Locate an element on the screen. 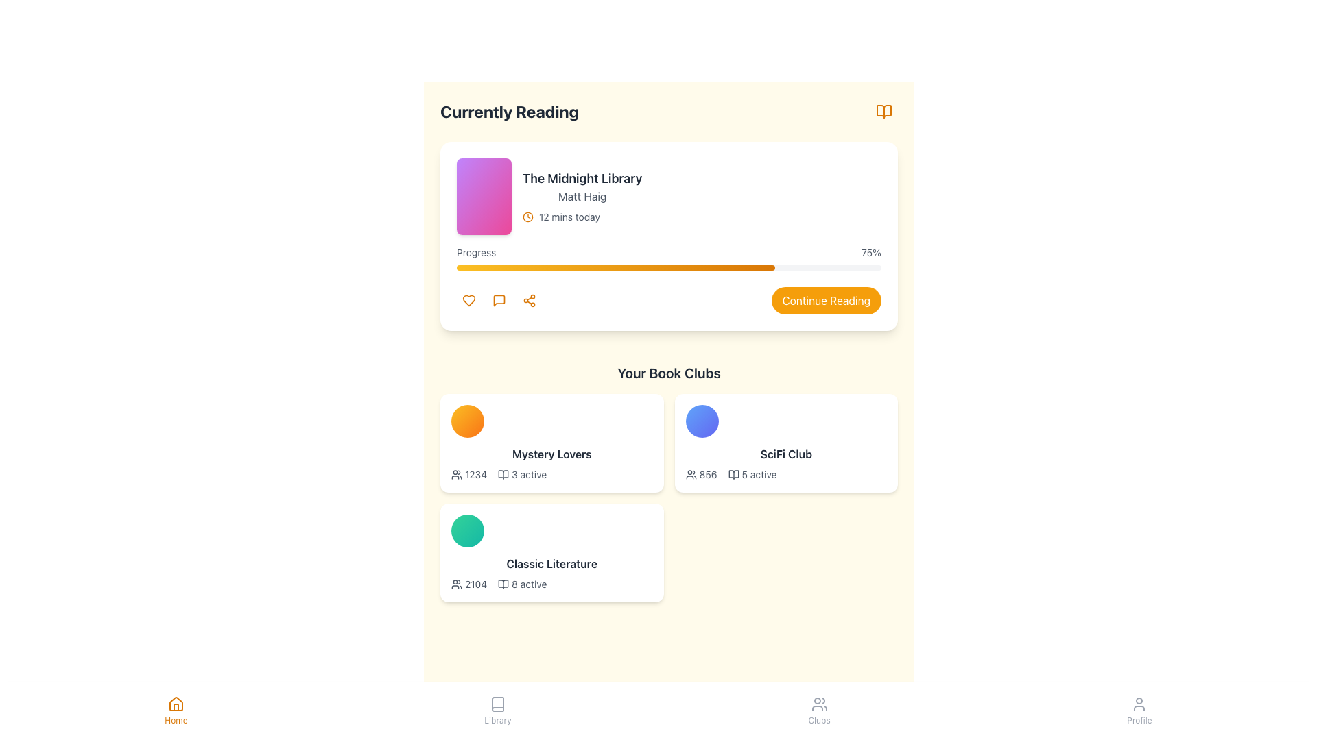 This screenshot has width=1317, height=740. the decorative graphical element representing the book 'The Midnight Library' located in the 'Currently Reading' section is located at coordinates (484, 196).